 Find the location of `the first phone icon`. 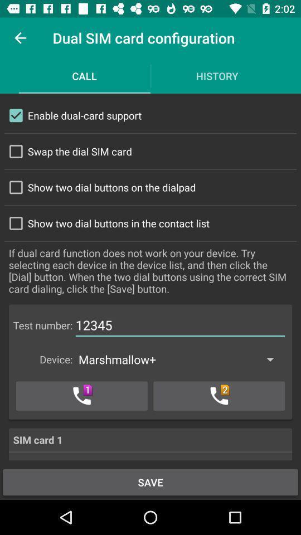

the first phone icon is located at coordinates (81, 396).